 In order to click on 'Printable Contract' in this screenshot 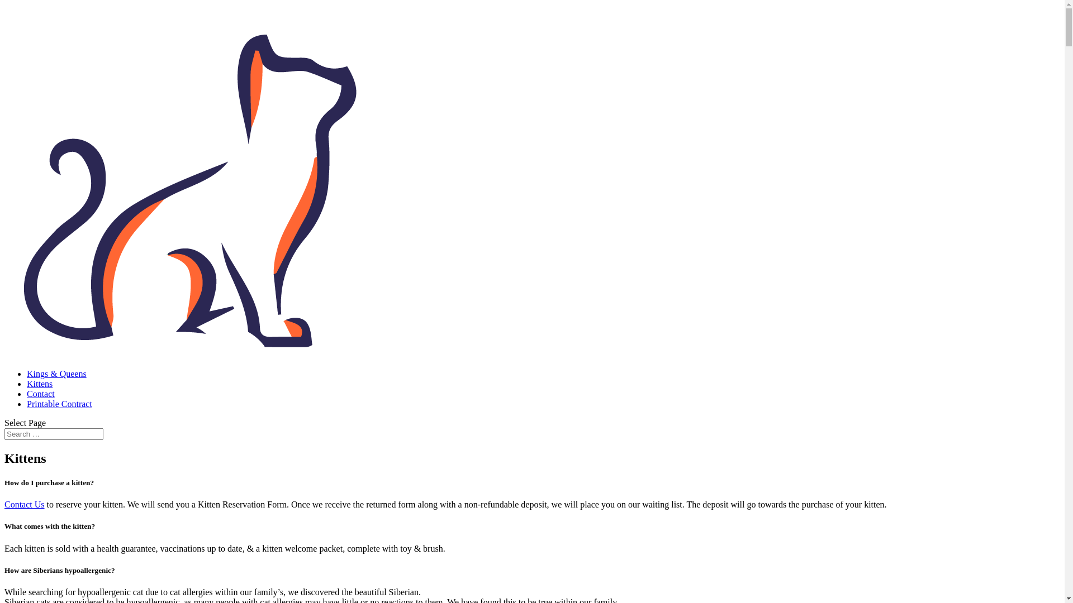, I will do `click(59, 404)`.